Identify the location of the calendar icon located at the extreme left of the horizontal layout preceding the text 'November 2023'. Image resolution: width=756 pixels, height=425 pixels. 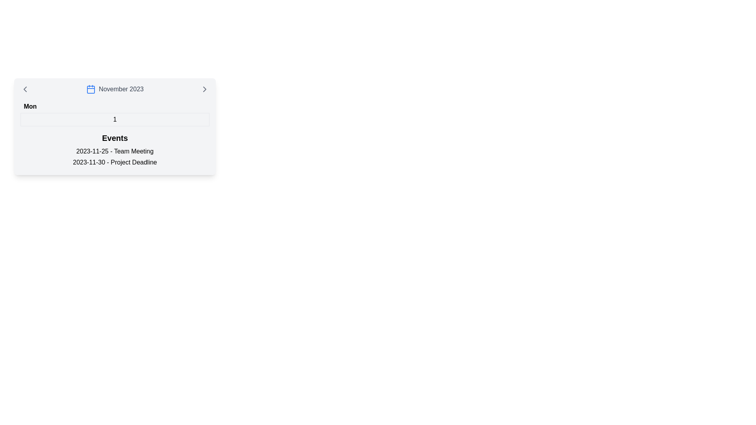
(91, 89).